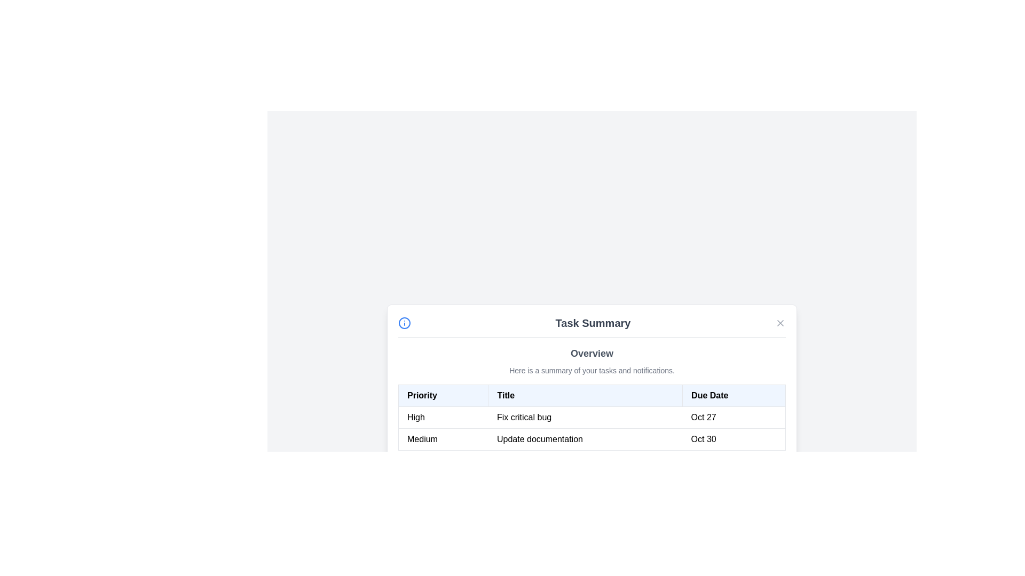 The width and height of the screenshot is (1025, 576). I want to click on the 'Task Summary' text label, which is a bold header centrally positioned at the top of its section, displayed in dark gray on a white background, so click(592, 322).